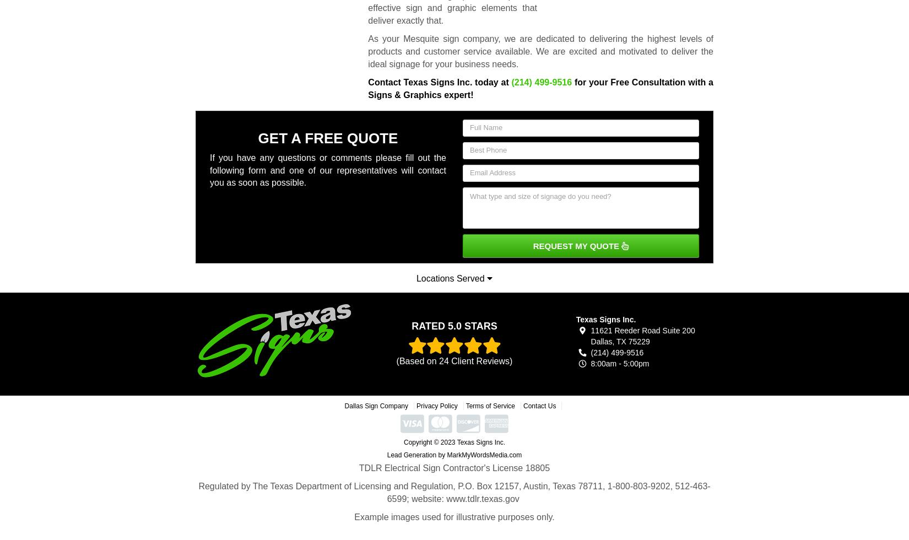  Describe the element at coordinates (443, 361) in the screenshot. I see `'24'` at that location.